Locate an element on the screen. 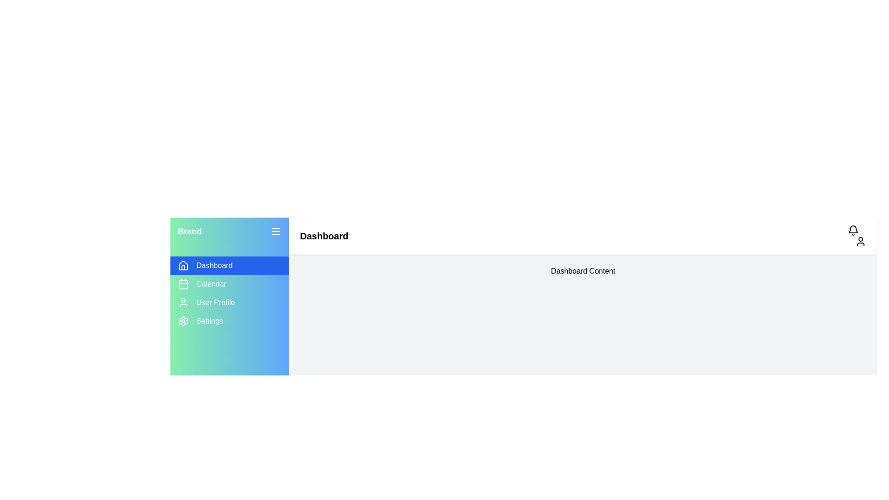  the icon located at the top-right corner of the interface that serves as a button for accessing user profile or account settings is located at coordinates (860, 241).